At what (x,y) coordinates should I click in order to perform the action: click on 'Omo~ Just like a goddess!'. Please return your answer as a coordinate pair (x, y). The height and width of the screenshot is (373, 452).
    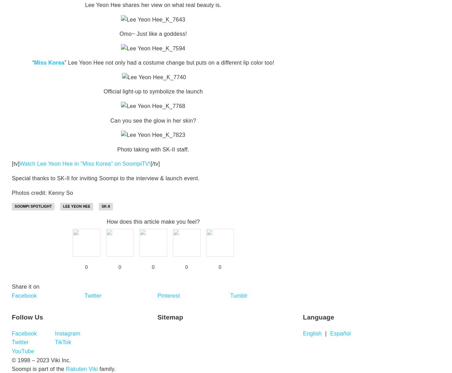
    Looking at the image, I should click on (153, 34).